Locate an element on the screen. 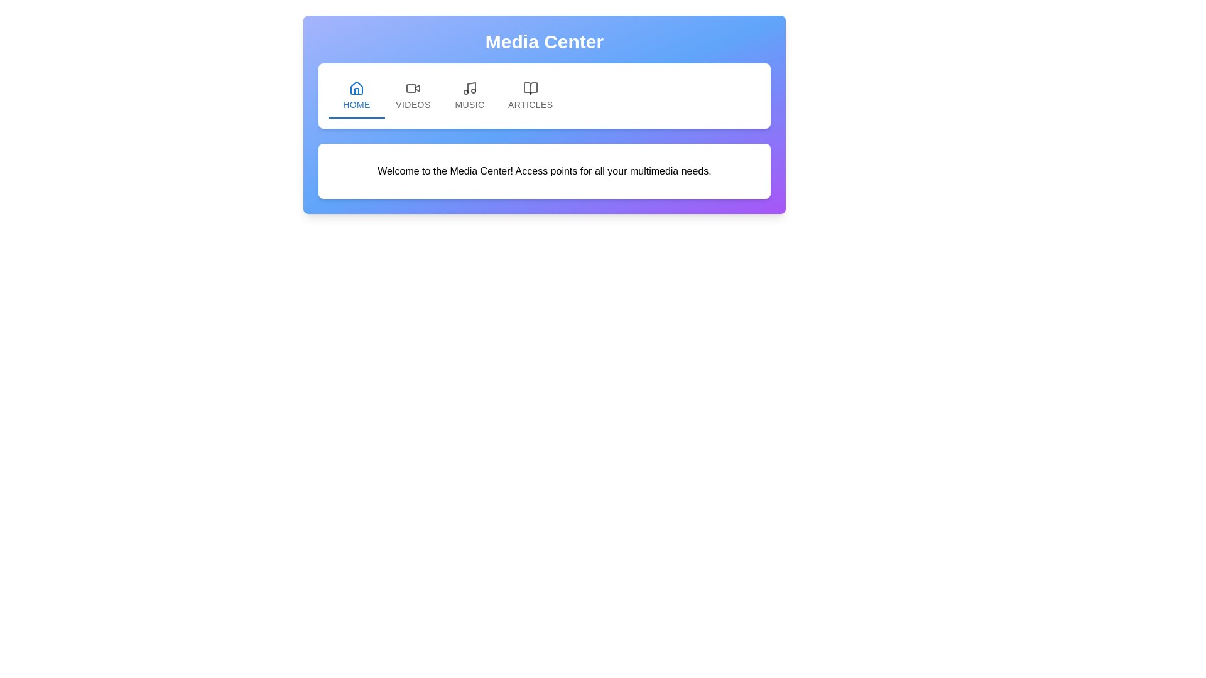  the 'MUSIC' tab button, which is styled with a musical note icon and is the third tab in a horizontal list is located at coordinates (469, 95).